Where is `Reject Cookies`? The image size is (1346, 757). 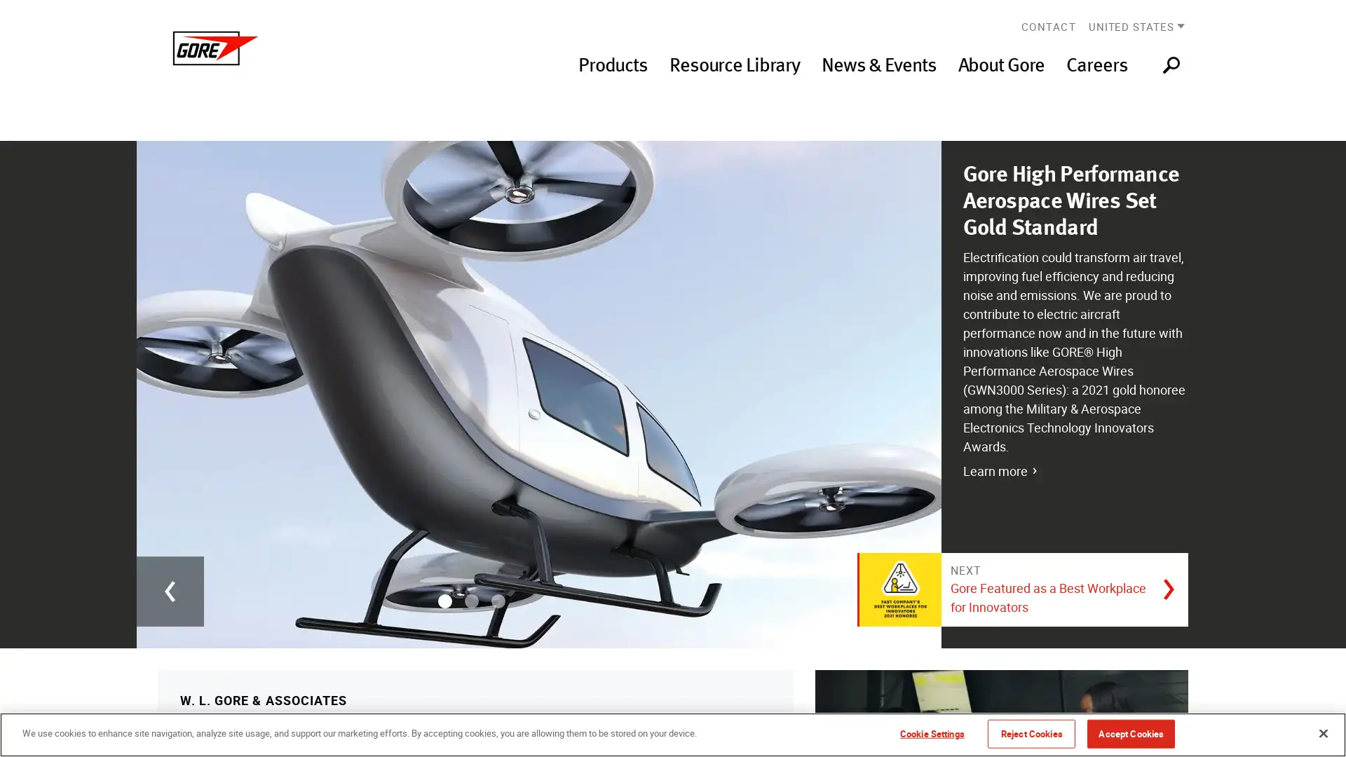 Reject Cookies is located at coordinates (1031, 732).